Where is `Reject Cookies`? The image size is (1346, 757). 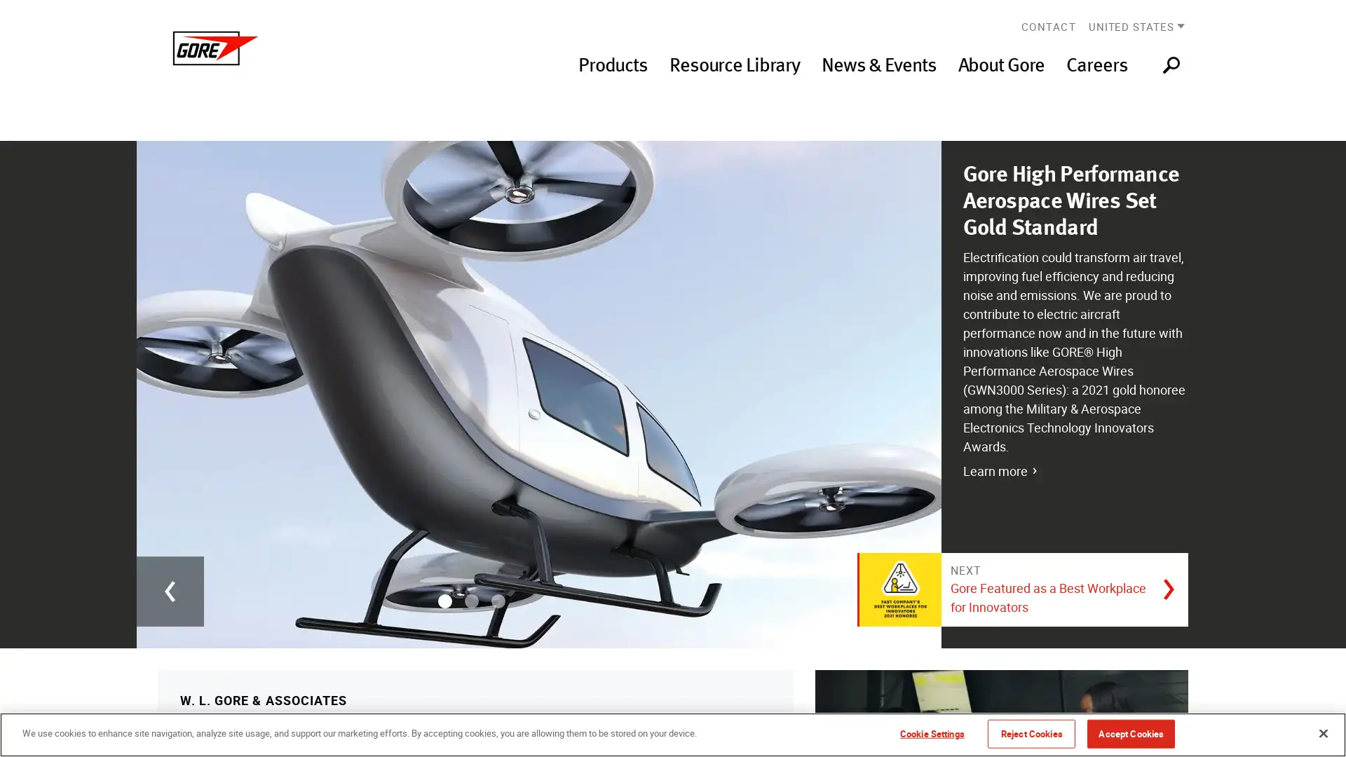 Reject Cookies is located at coordinates (1031, 732).